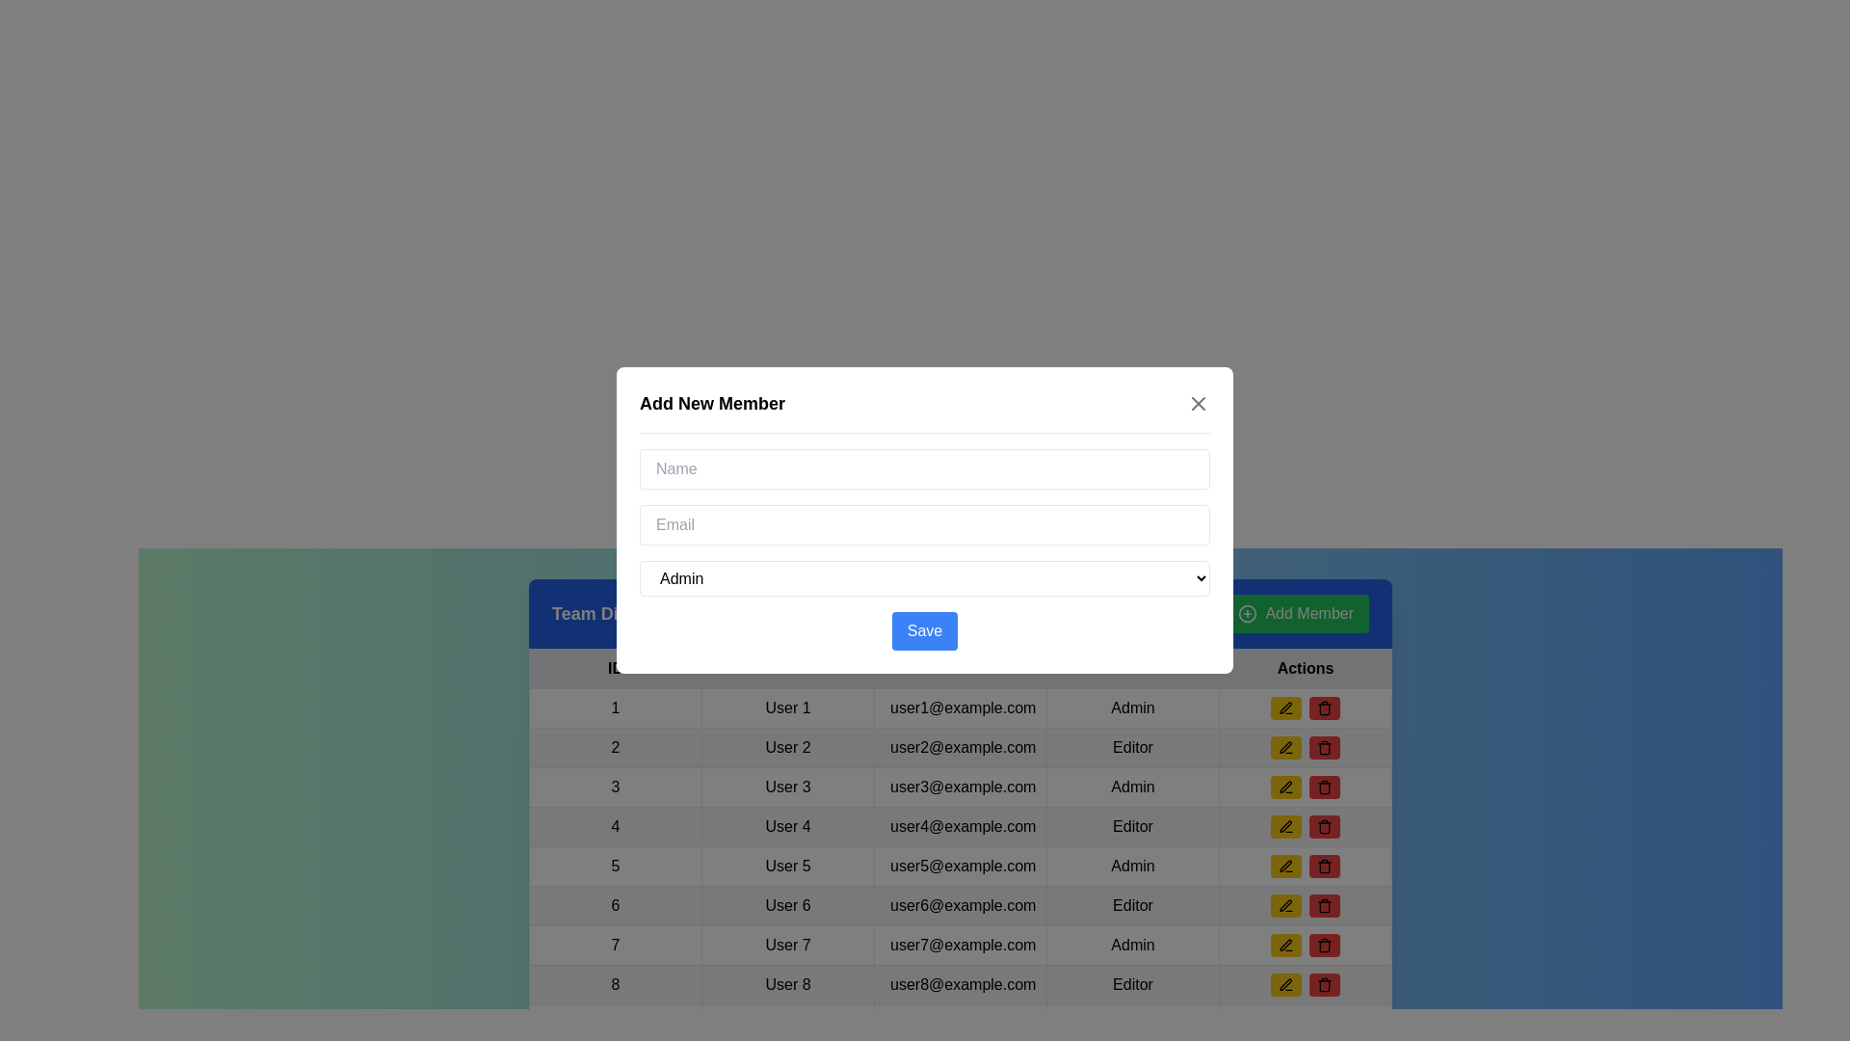 This screenshot has height=1041, width=1850. I want to click on the pen icon button in the Actions column of the table corresponding to user 5 (user5@example.com), so click(1285, 865).